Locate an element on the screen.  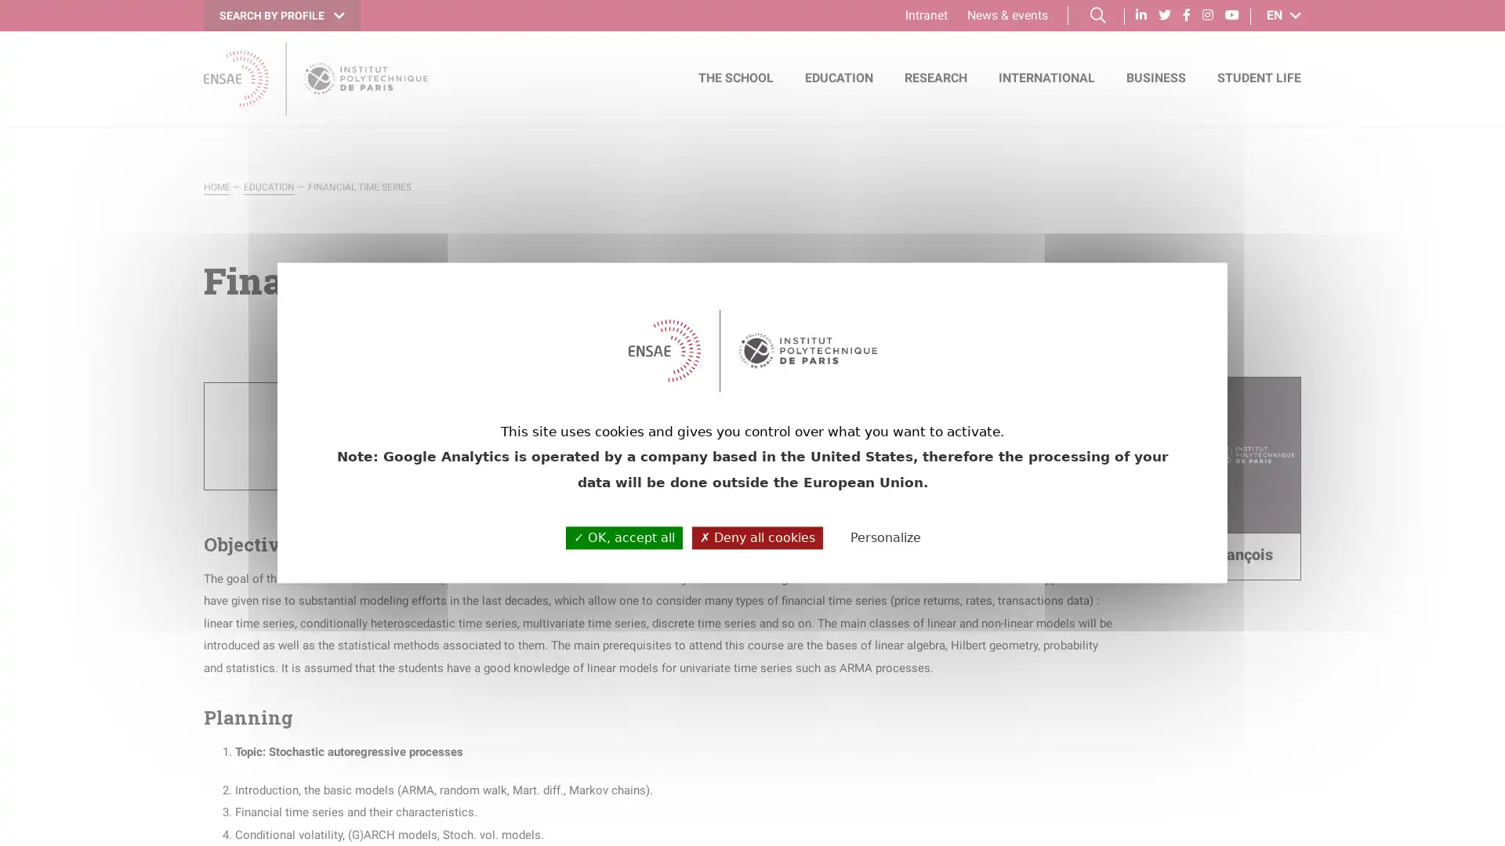
Personalize is located at coordinates (885, 537).